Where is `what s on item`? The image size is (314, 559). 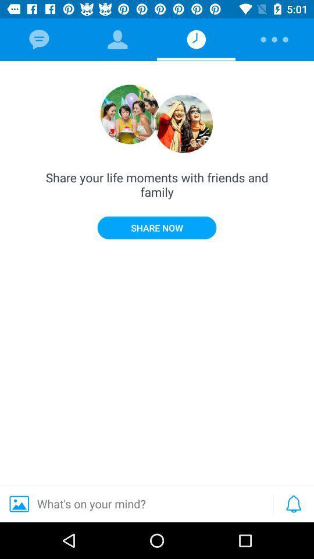 what s on item is located at coordinates (134, 503).